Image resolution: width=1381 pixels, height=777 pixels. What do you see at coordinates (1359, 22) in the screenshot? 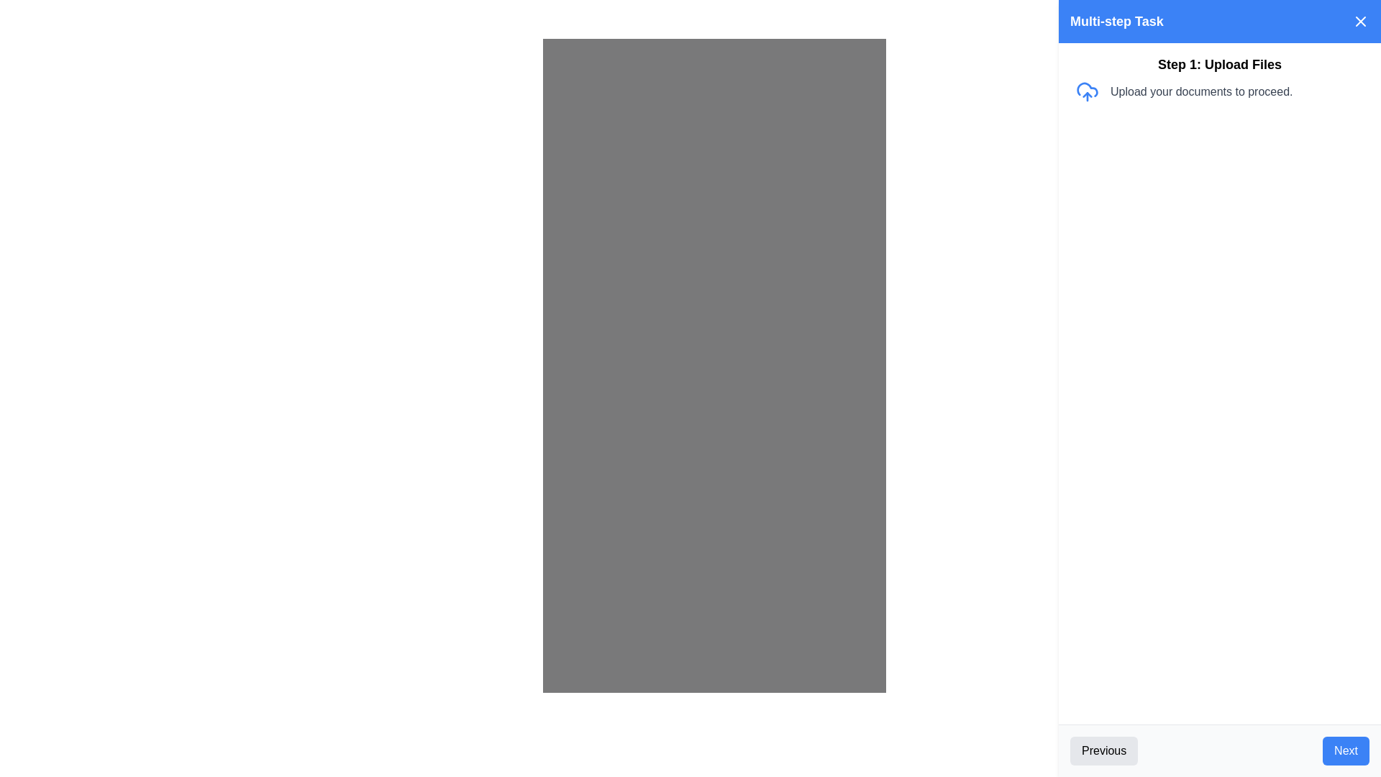
I see `the close icon located at the top-right corner of the interface` at bounding box center [1359, 22].